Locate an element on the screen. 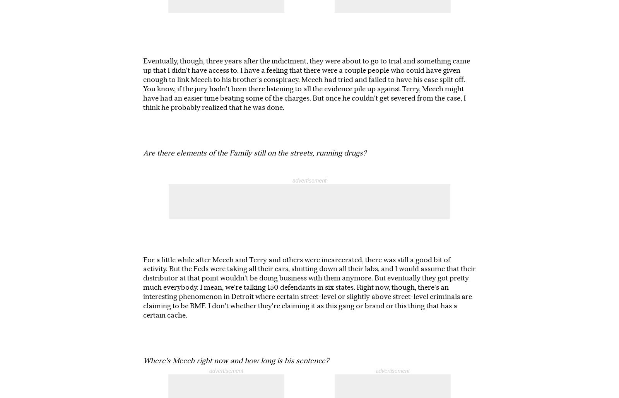 This screenshot has height=398, width=619. 'New Times' is located at coordinates (332, 360).